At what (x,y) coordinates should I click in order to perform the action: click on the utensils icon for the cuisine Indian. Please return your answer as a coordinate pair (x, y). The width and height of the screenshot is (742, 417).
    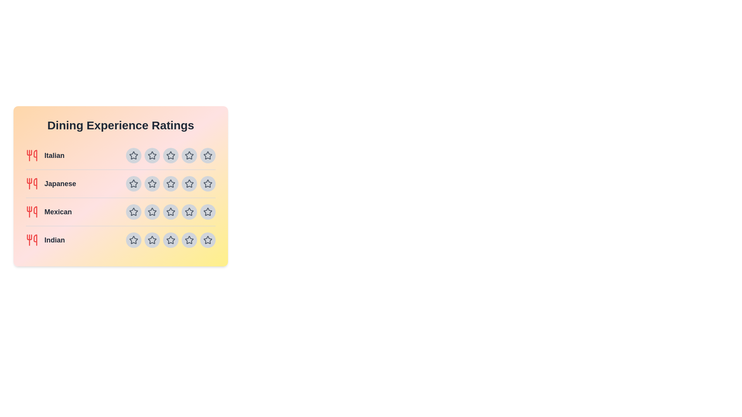
    Looking at the image, I should click on (31, 239).